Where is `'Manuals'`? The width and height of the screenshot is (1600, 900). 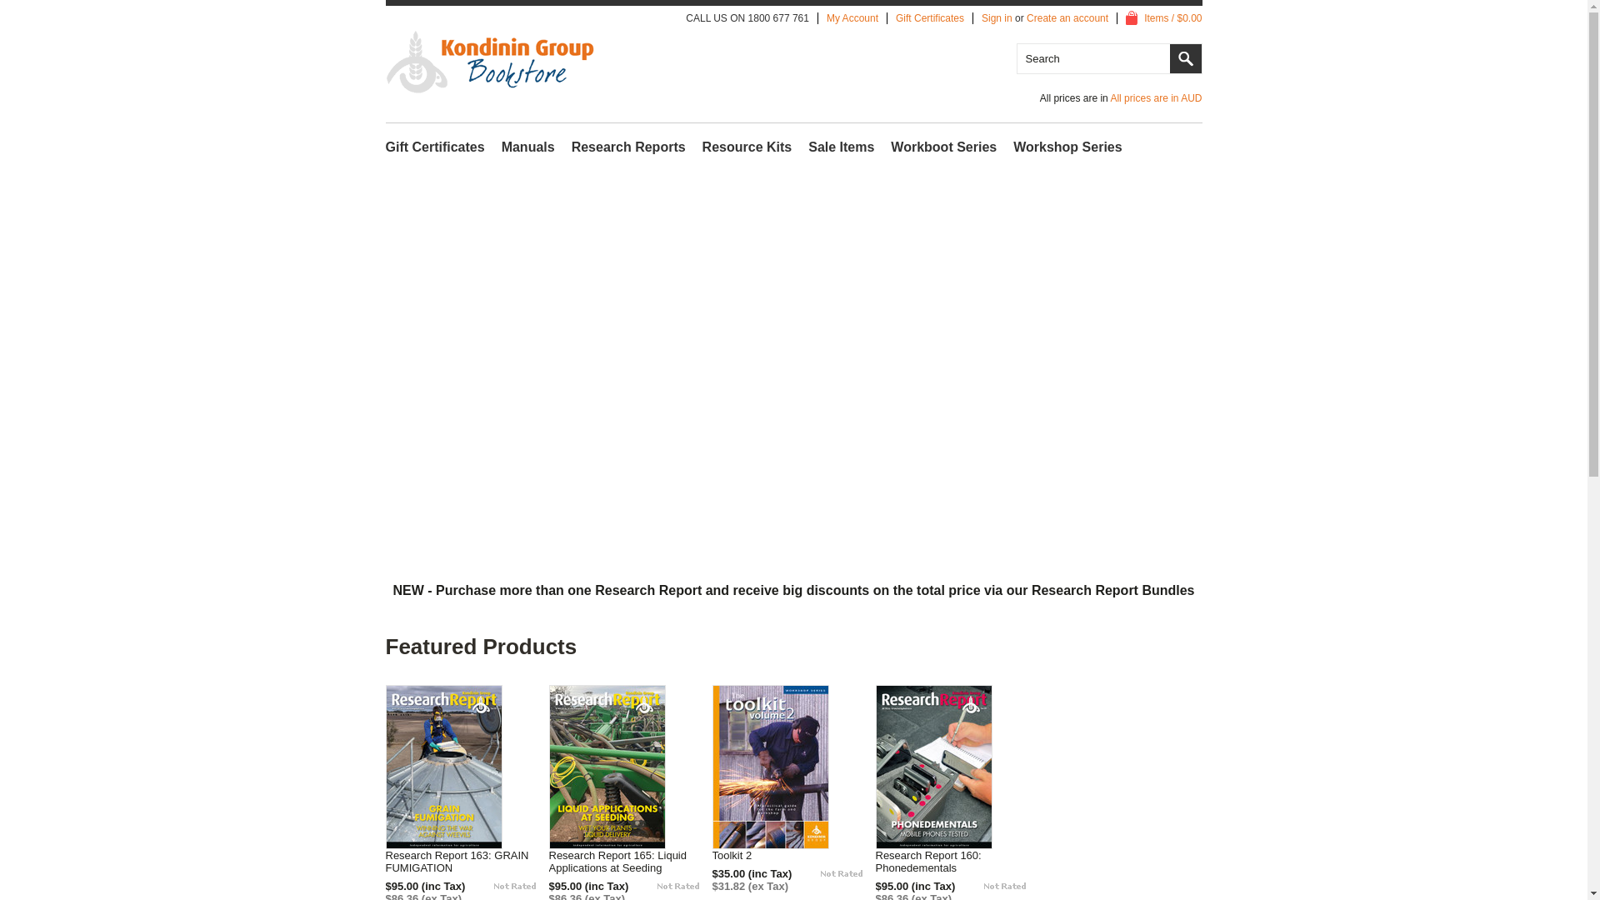 'Manuals' is located at coordinates (527, 147).